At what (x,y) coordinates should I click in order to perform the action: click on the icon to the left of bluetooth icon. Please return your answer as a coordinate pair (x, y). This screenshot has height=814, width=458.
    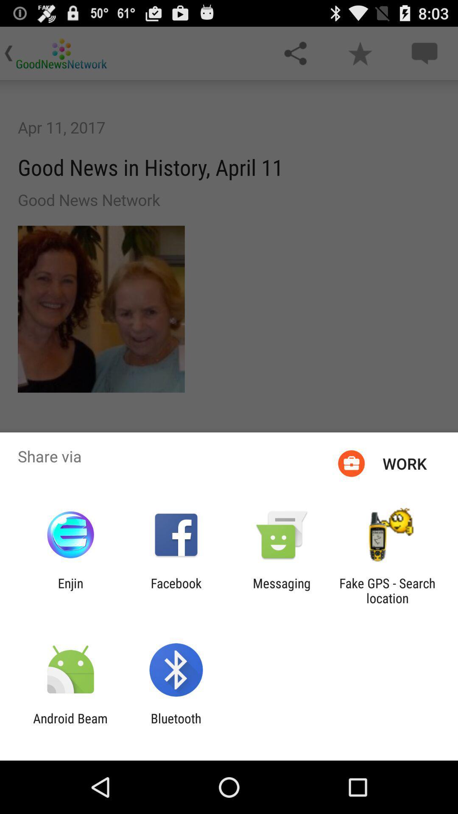
    Looking at the image, I should click on (70, 725).